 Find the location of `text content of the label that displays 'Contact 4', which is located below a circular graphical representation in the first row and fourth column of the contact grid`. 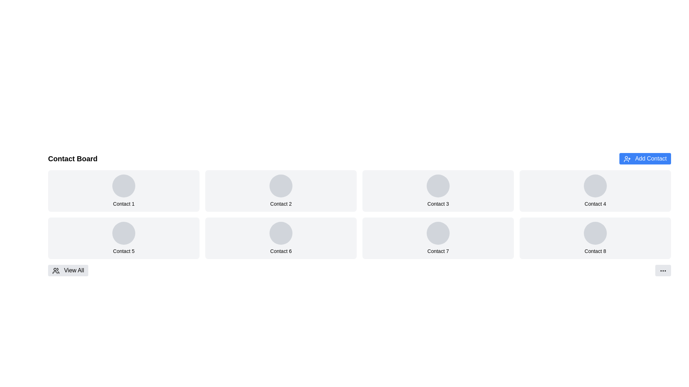

text content of the label that displays 'Contact 4', which is located below a circular graphical representation in the first row and fourth column of the contact grid is located at coordinates (595, 204).